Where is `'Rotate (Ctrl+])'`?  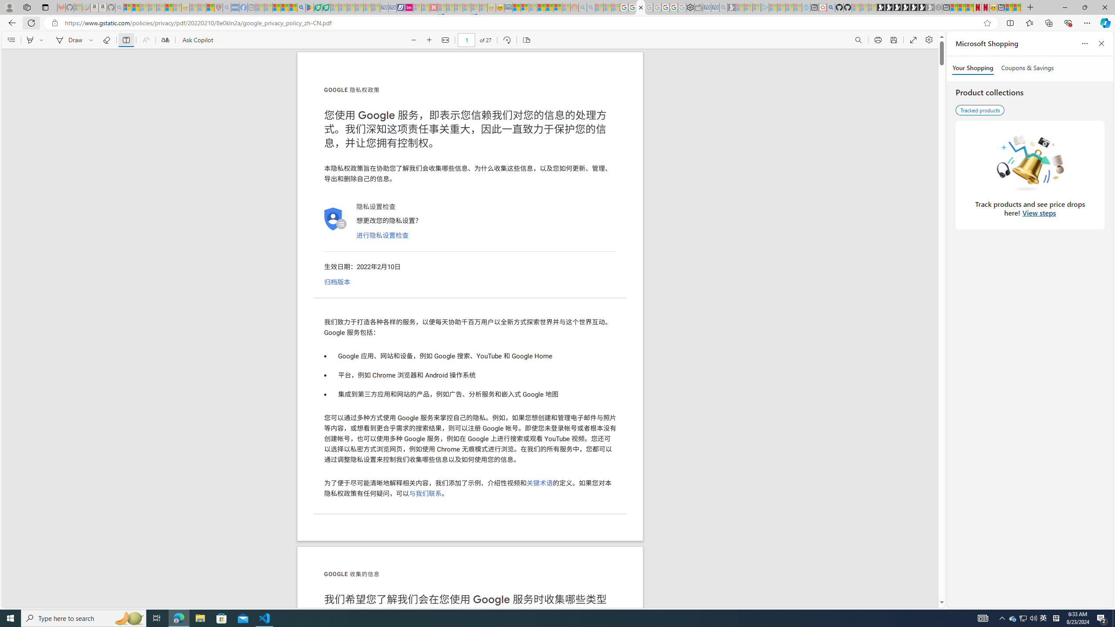
'Rotate (Ctrl+])' is located at coordinates (506, 40).